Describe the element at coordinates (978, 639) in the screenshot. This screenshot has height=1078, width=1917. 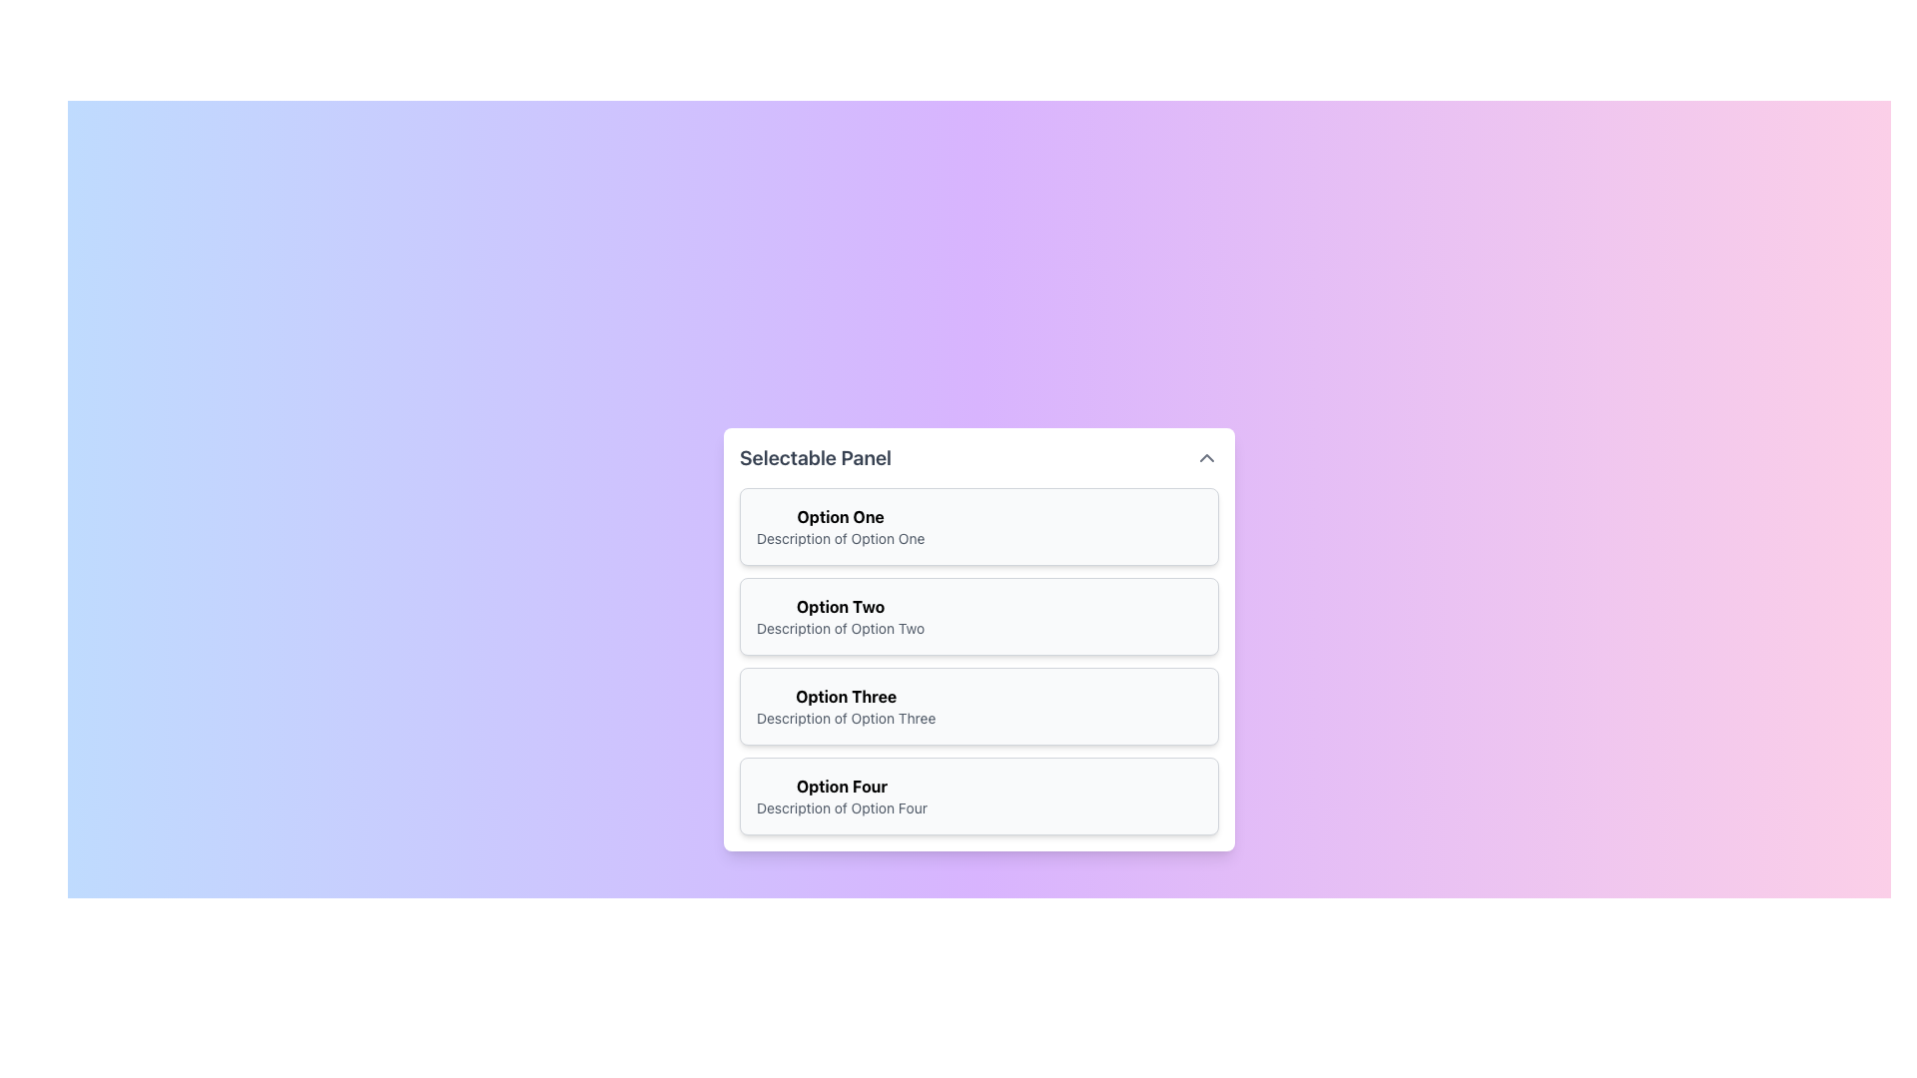
I see `the selectable list item labeled 'Option Two'` at that location.